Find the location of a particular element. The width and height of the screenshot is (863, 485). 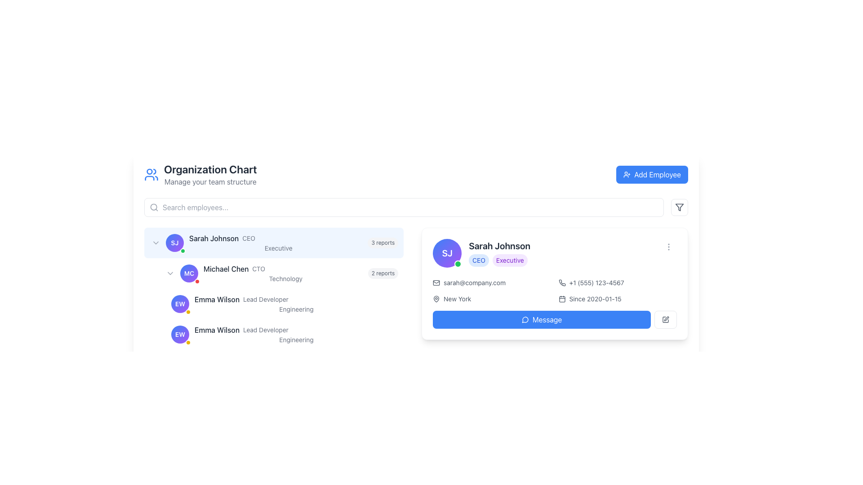

the organizational node displaying Michael Chen's details, including his role as CTO and department Technology is located at coordinates (273, 289).